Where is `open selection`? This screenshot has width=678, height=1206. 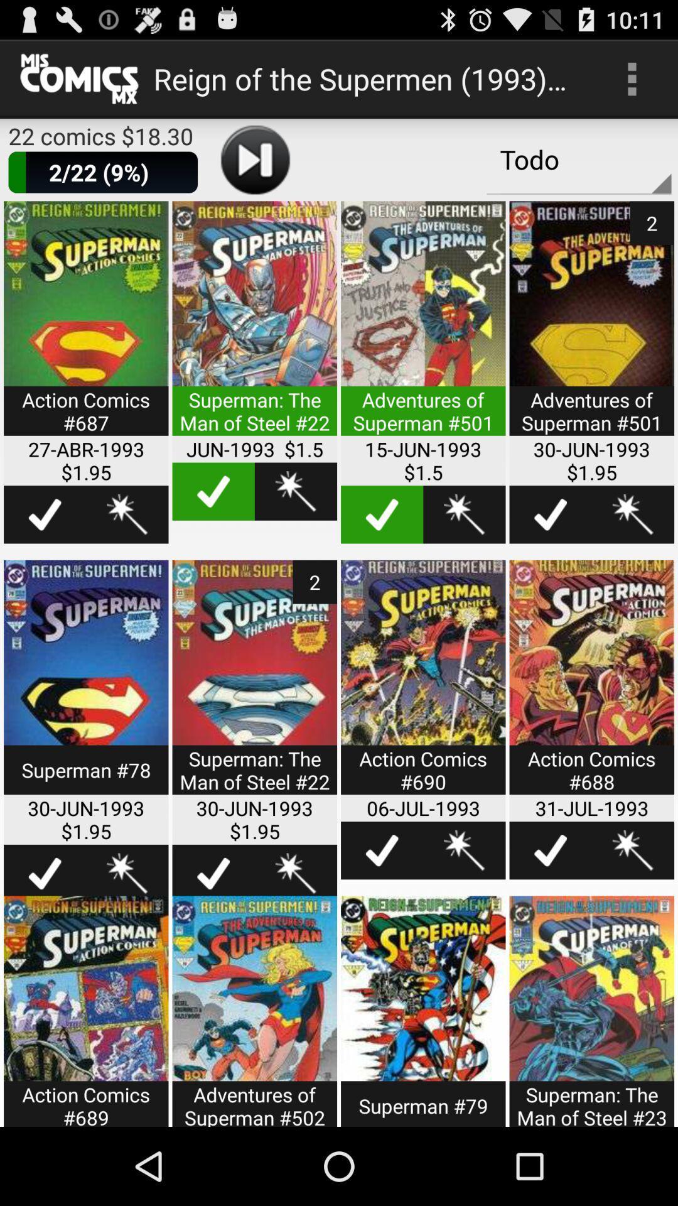
open selection is located at coordinates (423, 326).